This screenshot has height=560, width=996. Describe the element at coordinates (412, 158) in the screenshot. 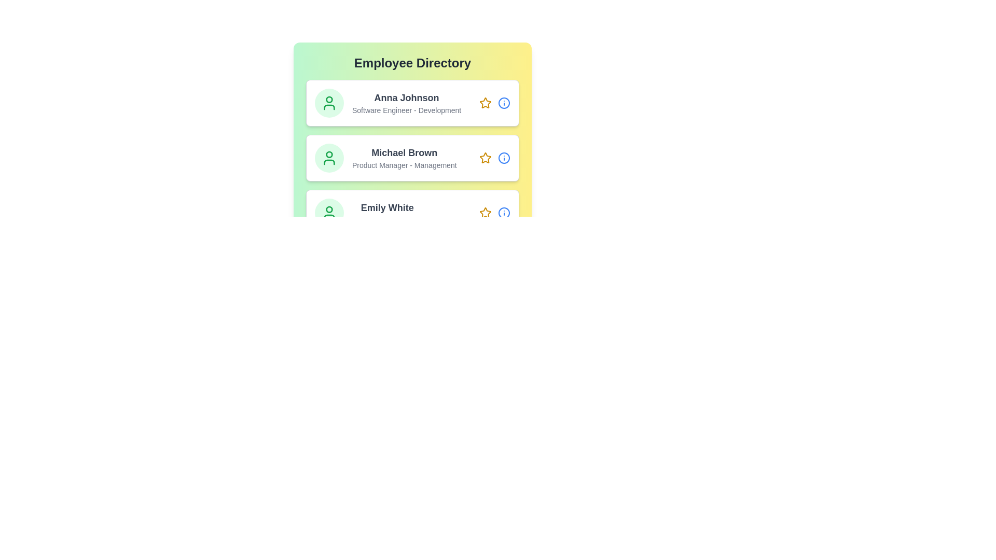

I see `the employee card for Michael Brown` at that location.